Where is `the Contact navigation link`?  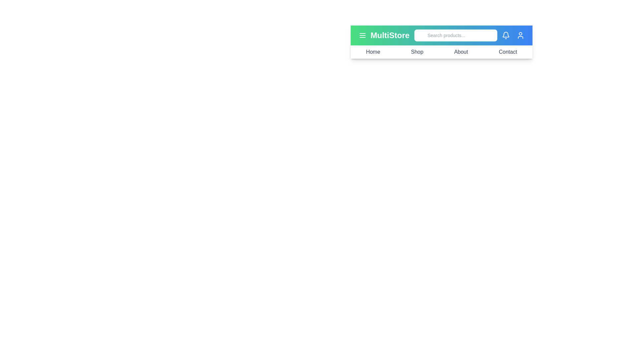
the Contact navigation link is located at coordinates (508, 52).